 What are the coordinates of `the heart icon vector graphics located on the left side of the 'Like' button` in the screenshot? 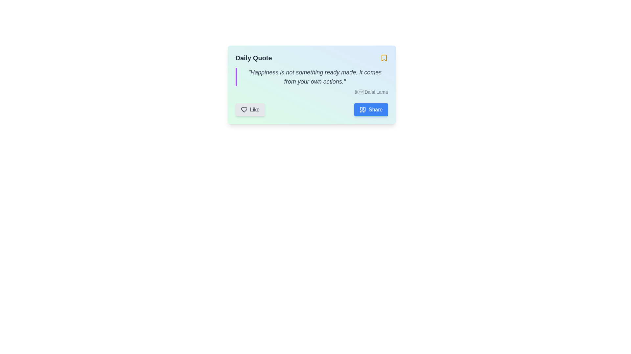 It's located at (244, 109).